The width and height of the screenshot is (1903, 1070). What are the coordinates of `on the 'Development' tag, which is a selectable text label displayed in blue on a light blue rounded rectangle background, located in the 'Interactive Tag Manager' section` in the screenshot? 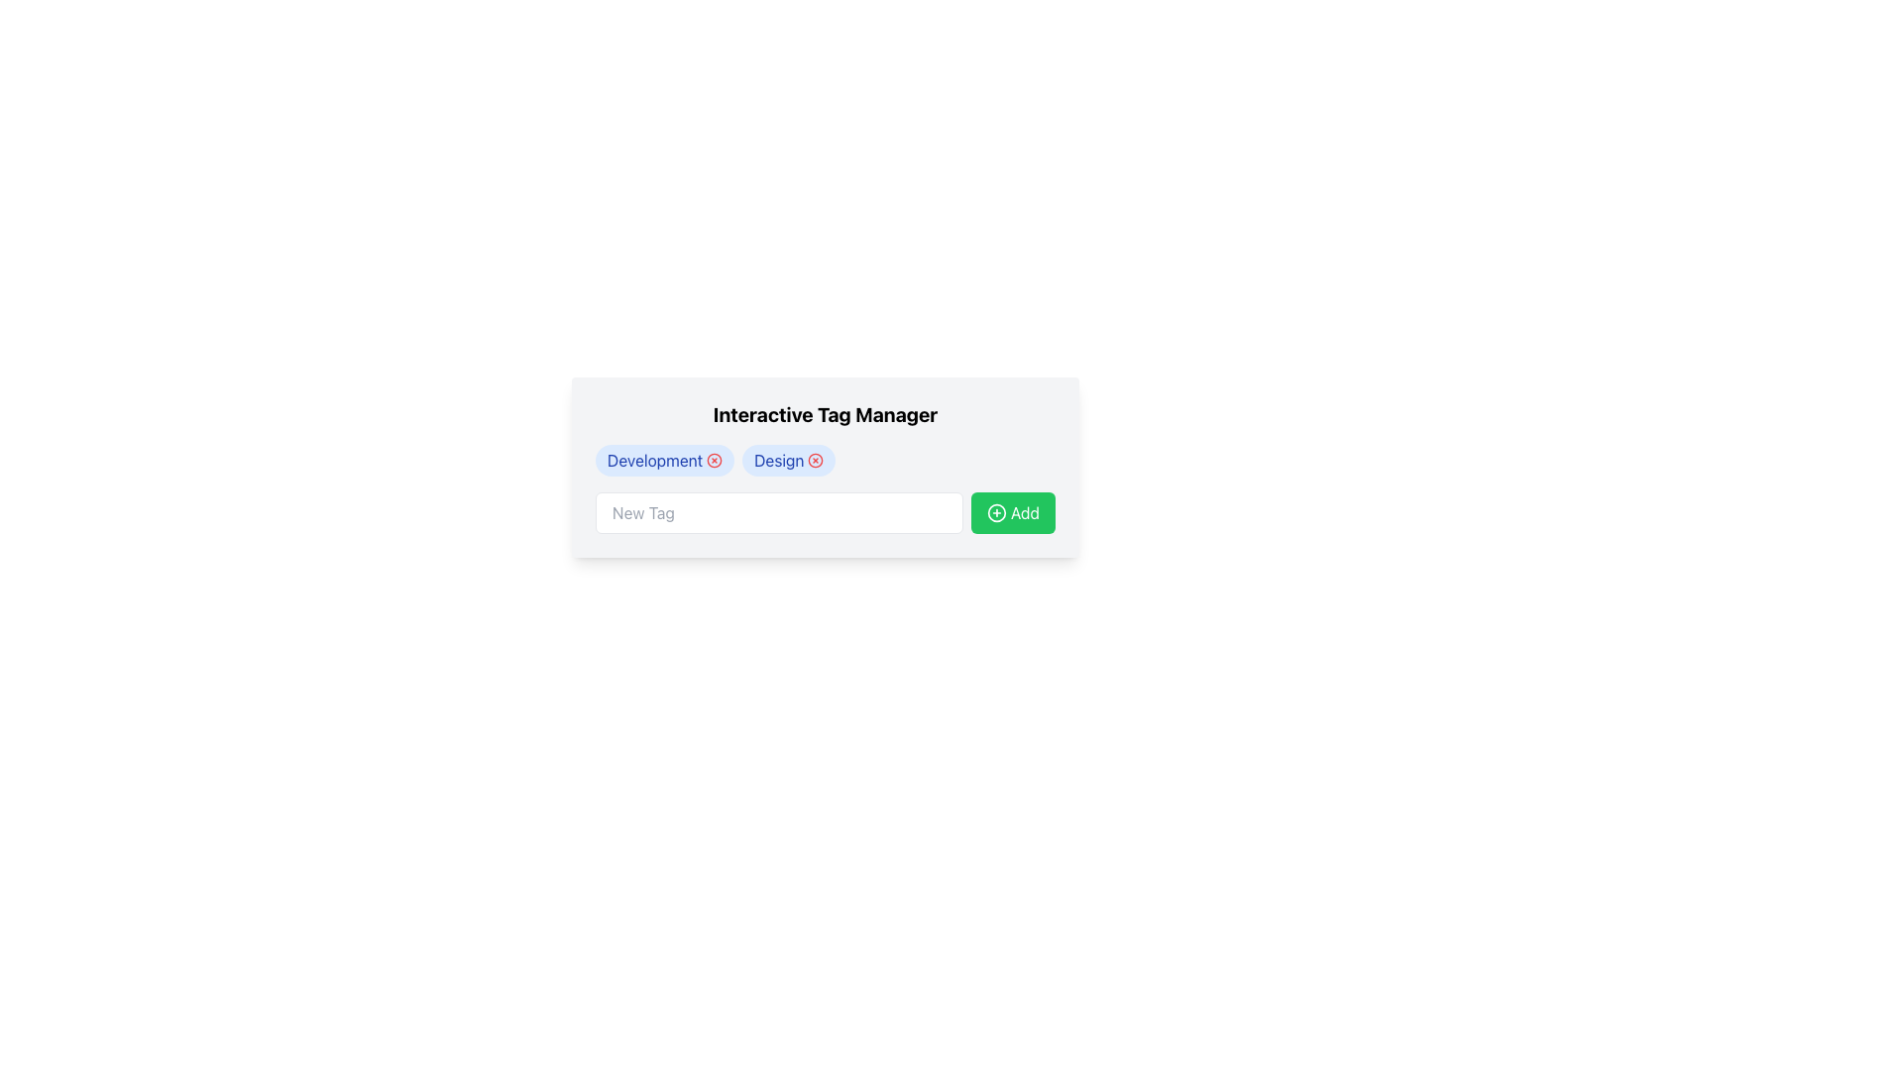 It's located at (655, 461).